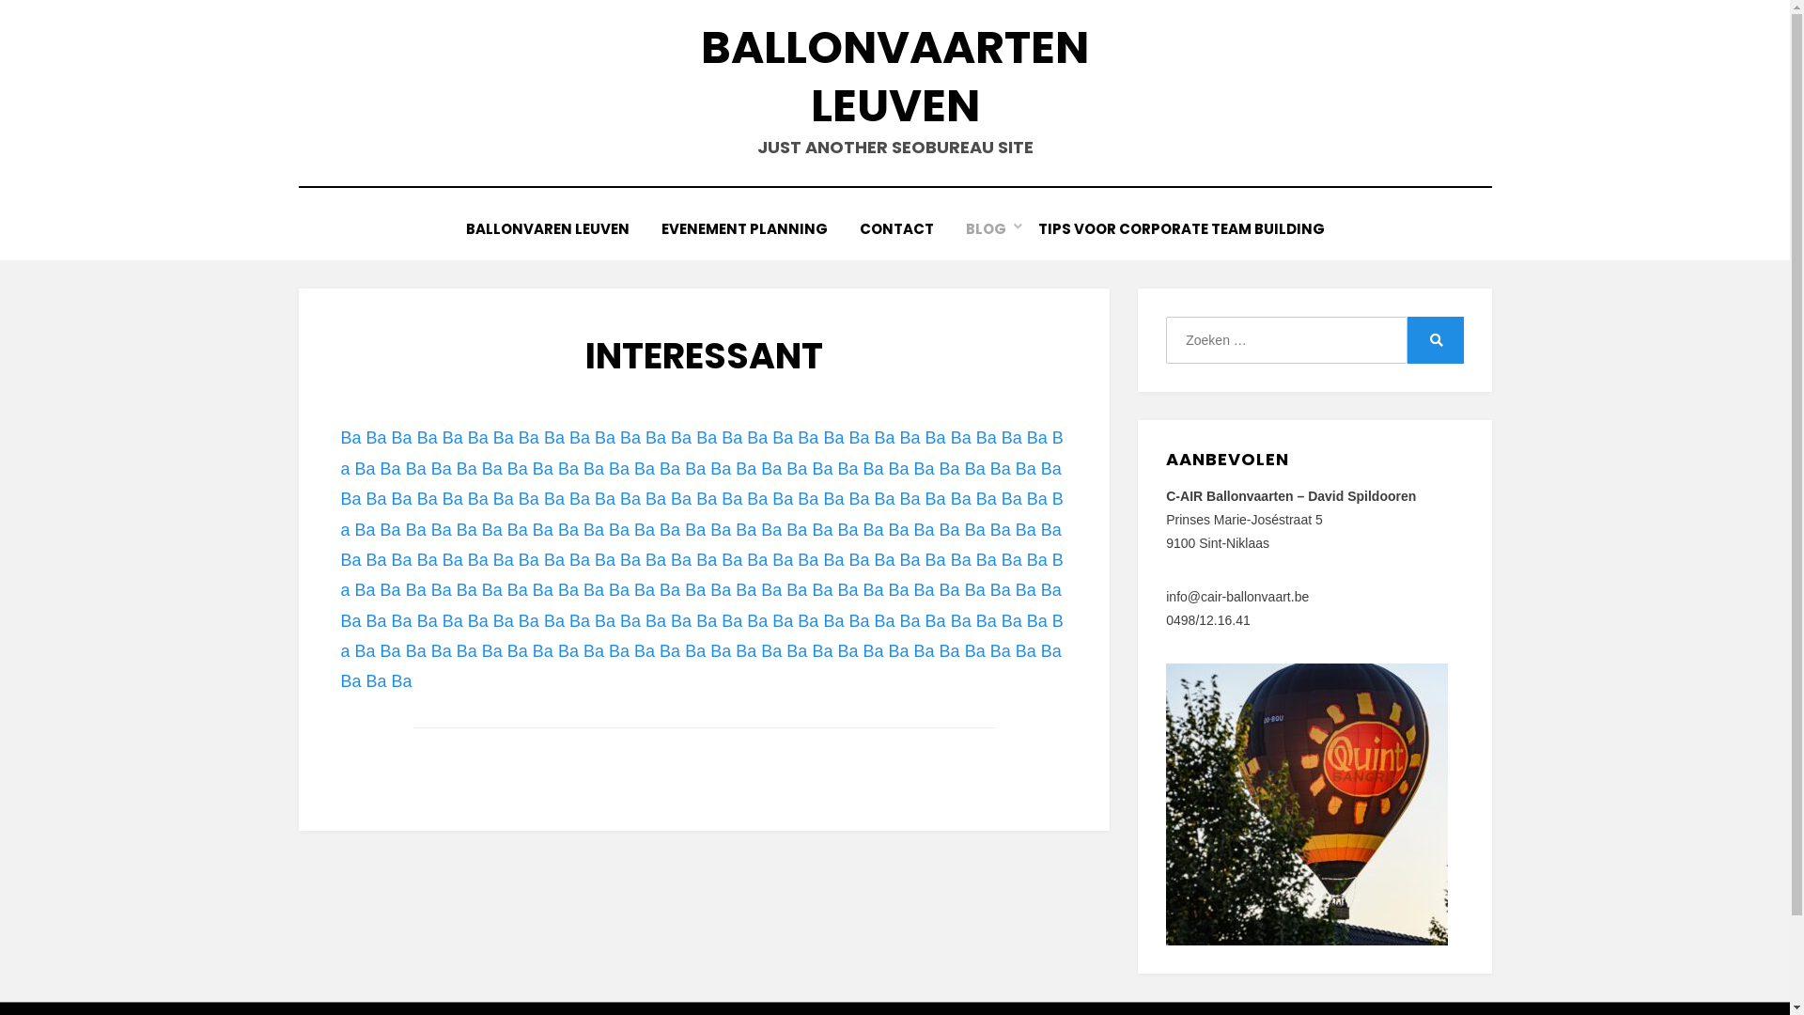 The width and height of the screenshot is (1804, 1015). I want to click on '0498/12.16.41', so click(1208, 619).